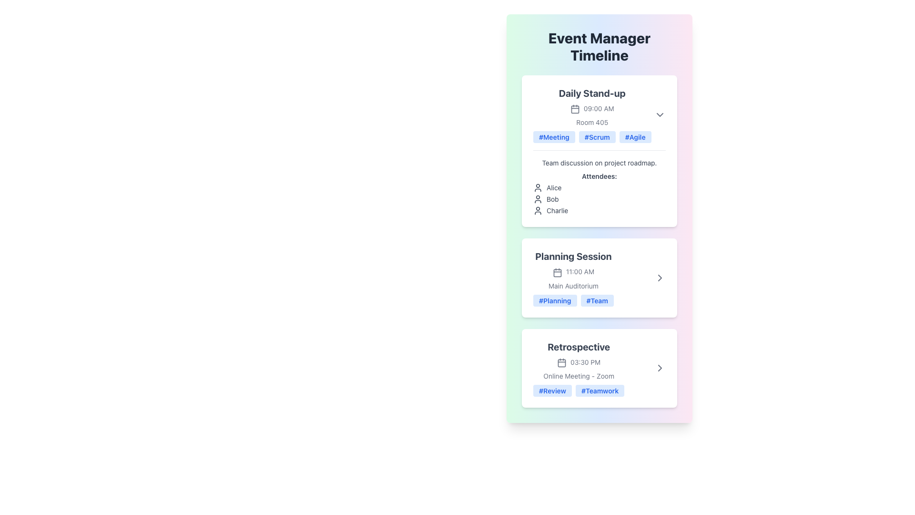 The height and width of the screenshot is (515, 915). What do you see at coordinates (599, 187) in the screenshot?
I see `the first entry in the attendees list labeled 'Alice' under the 'Daily Stand-up' section` at bounding box center [599, 187].